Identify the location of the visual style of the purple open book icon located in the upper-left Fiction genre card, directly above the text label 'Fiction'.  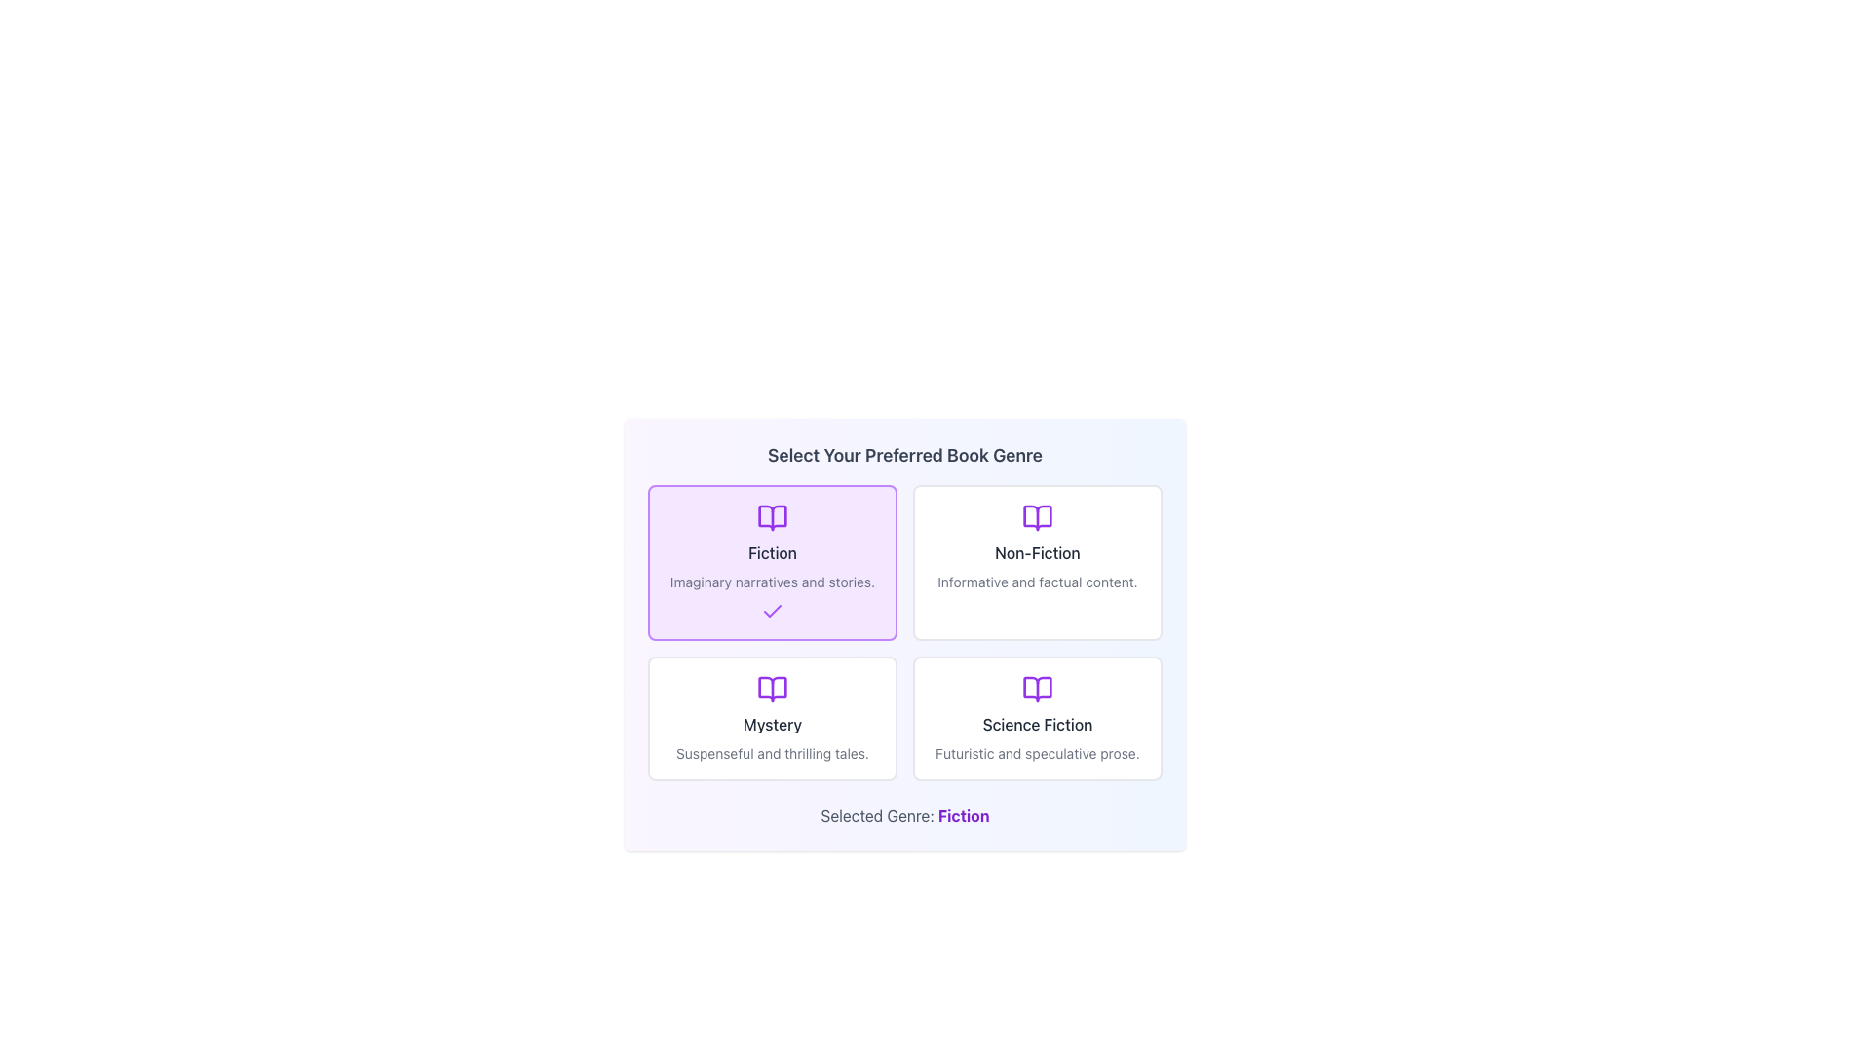
(771, 517).